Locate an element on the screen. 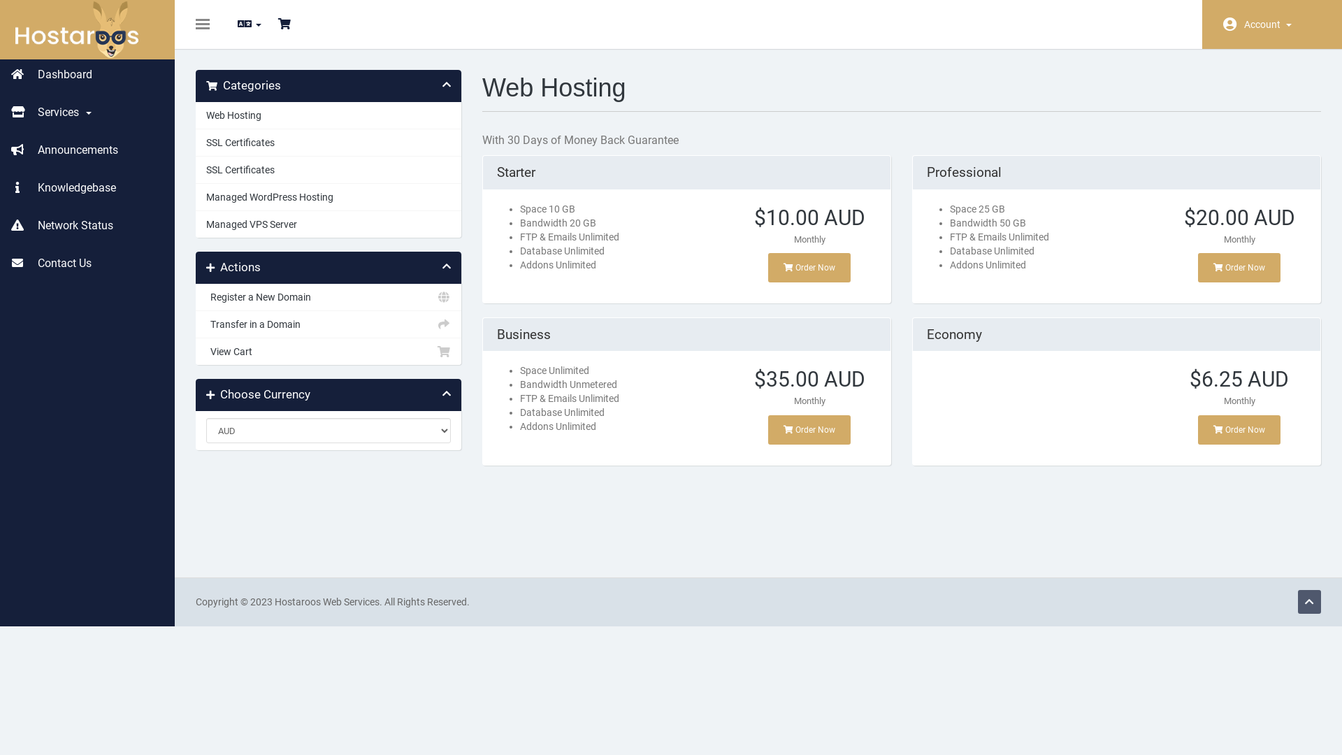  '  Transfer in a Domain' is located at coordinates (328, 324).